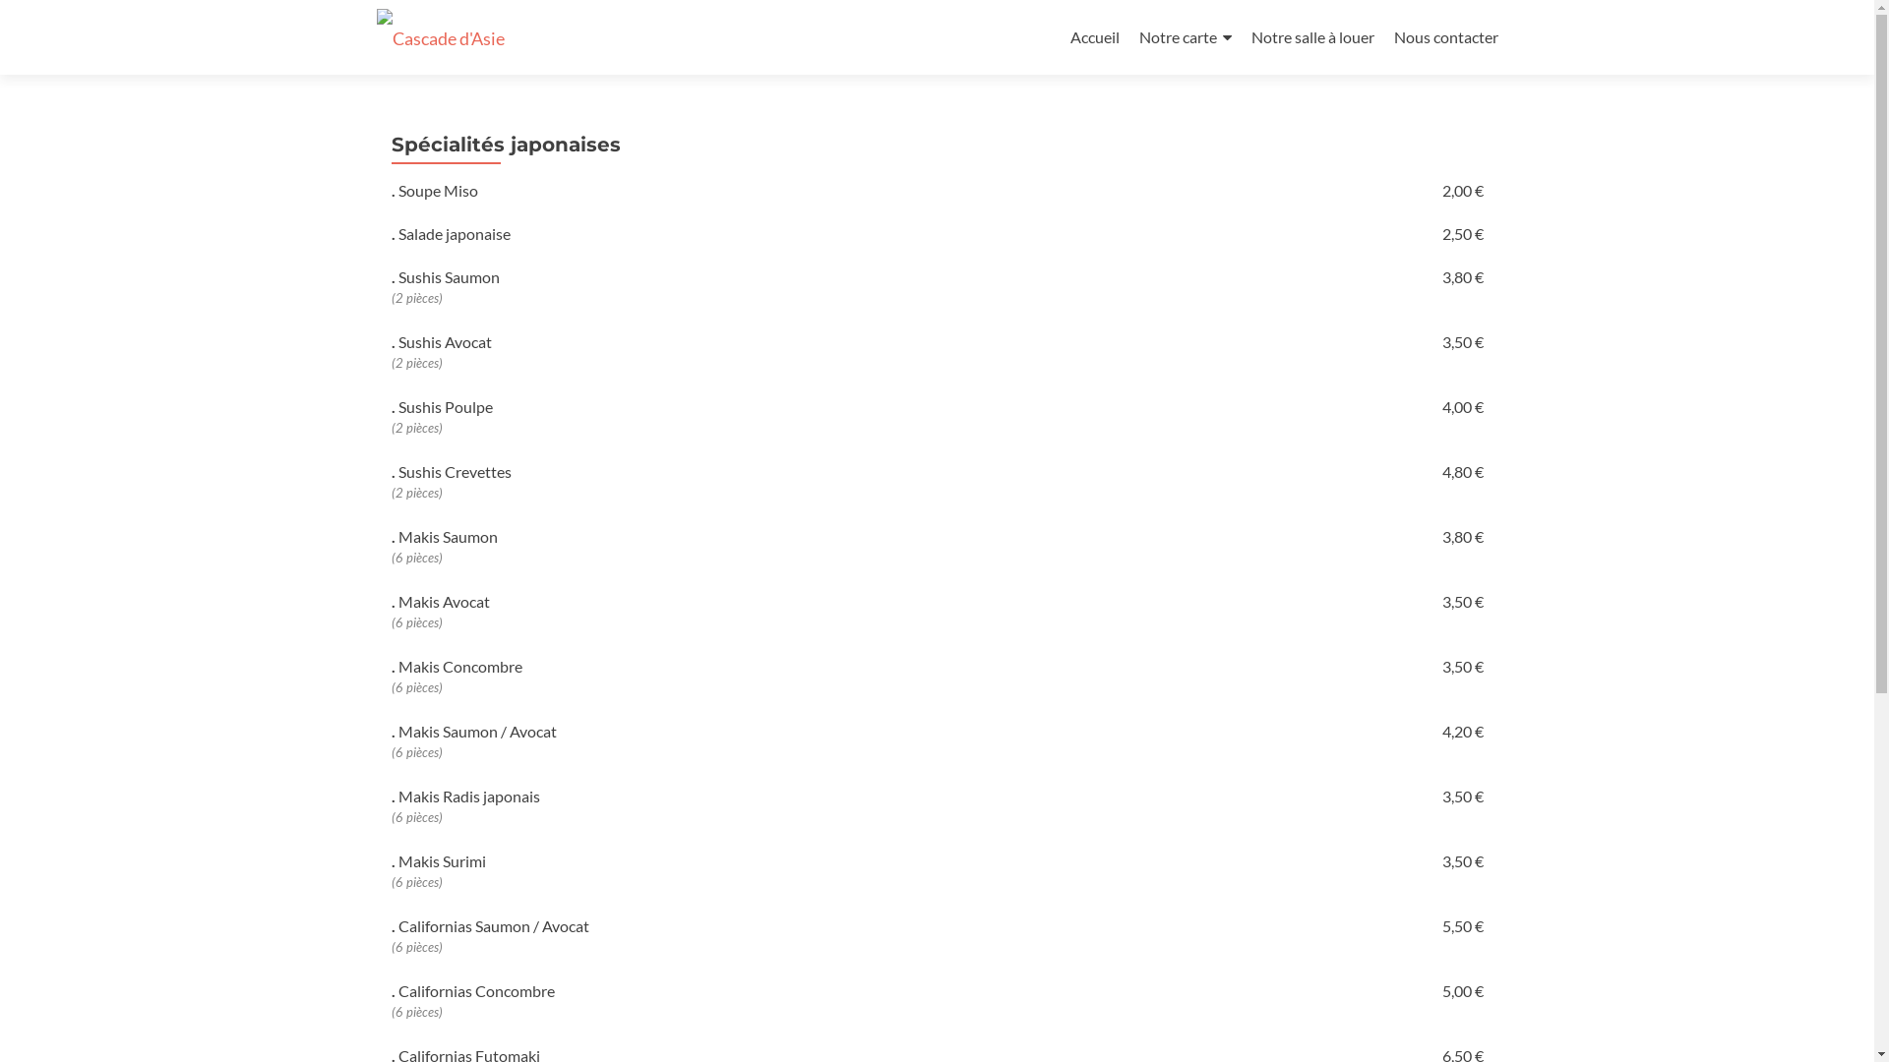  What do you see at coordinates (1184, 37) in the screenshot?
I see `'Notre carte'` at bounding box center [1184, 37].